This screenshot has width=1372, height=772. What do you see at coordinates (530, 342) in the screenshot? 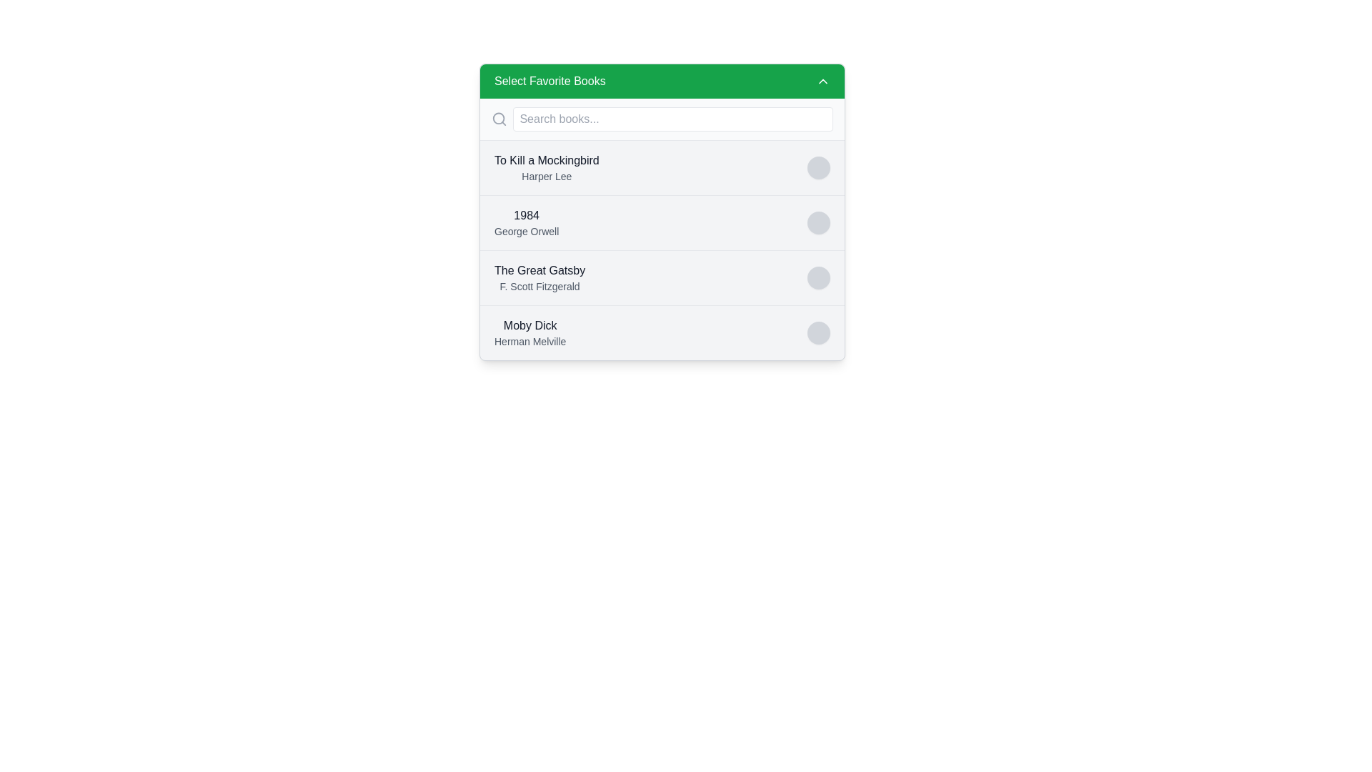
I see `the static text label that contains the text 'Herman Melville', which is styled with a smaller font size and gray color, positioned beneath the title 'Moby Dick'` at bounding box center [530, 342].